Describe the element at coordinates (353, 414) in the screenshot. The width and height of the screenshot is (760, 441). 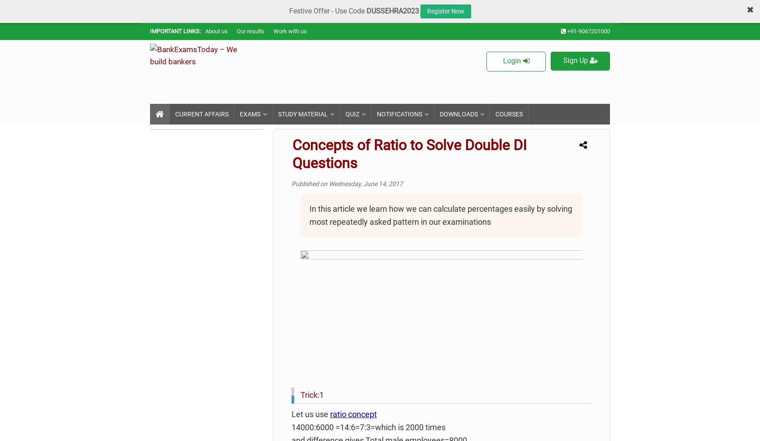
I see `'ratio concept'` at that location.